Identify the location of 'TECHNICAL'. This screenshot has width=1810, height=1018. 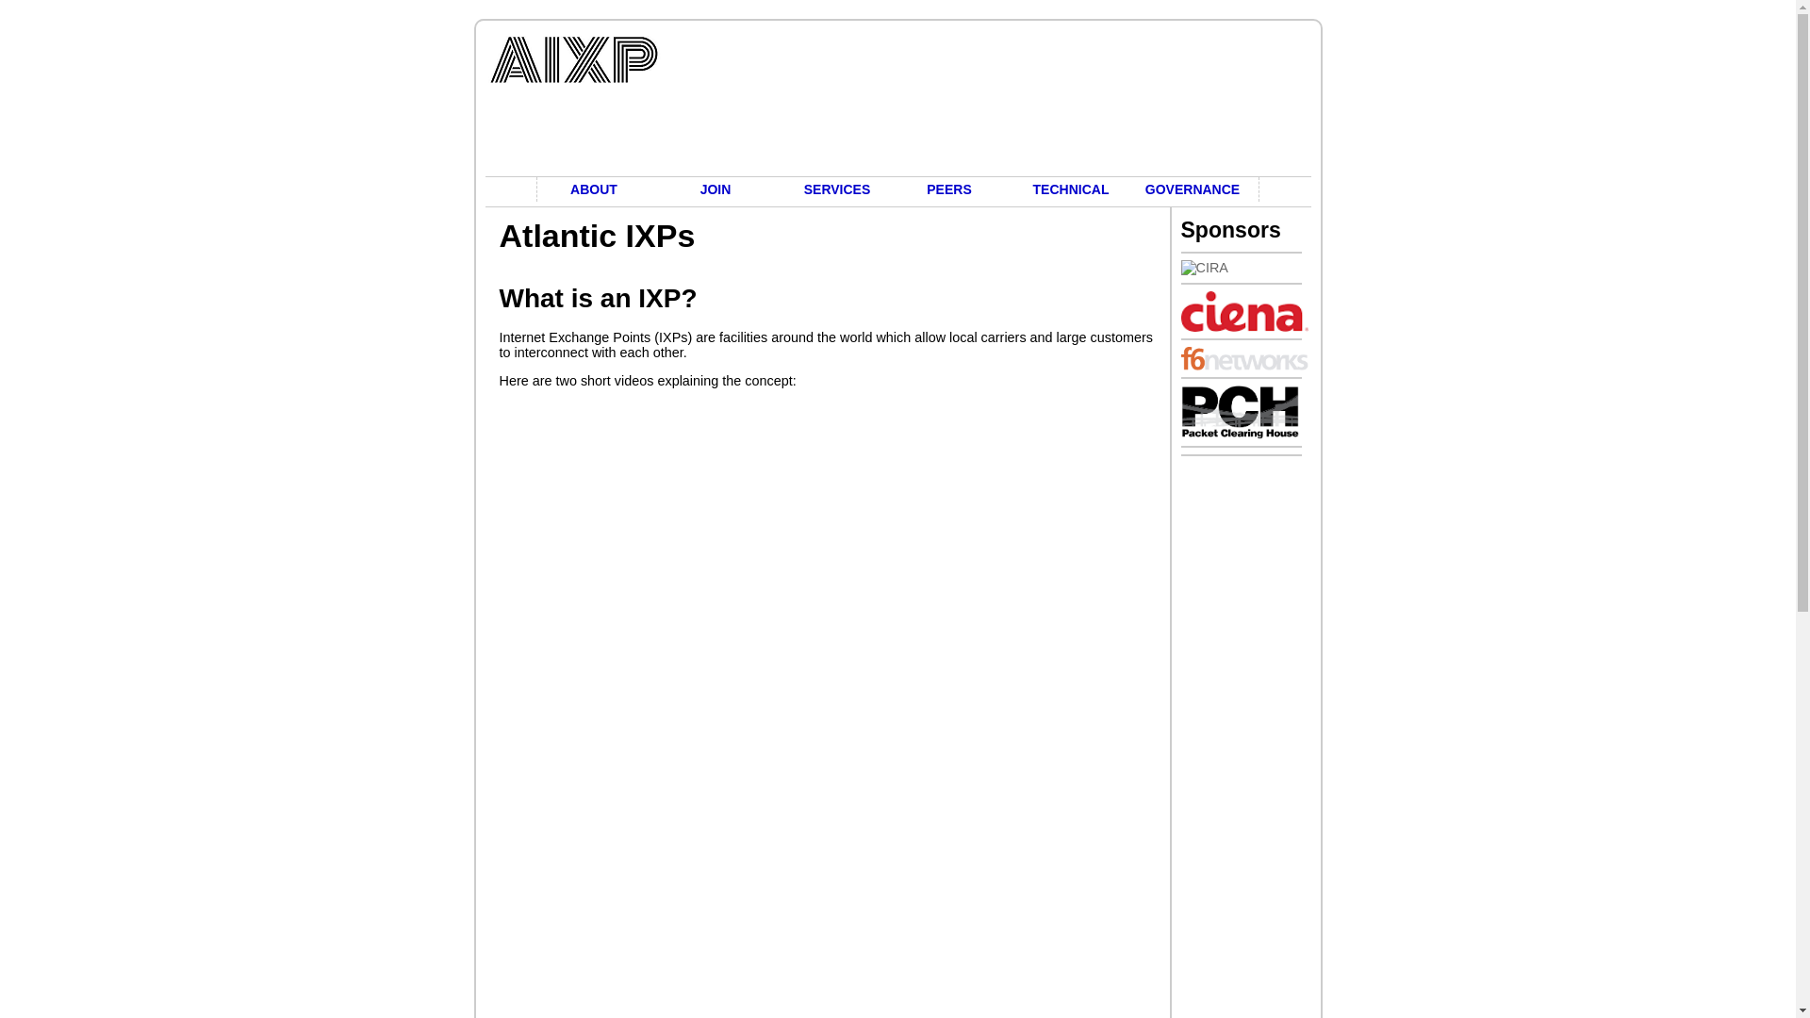
(1076, 189).